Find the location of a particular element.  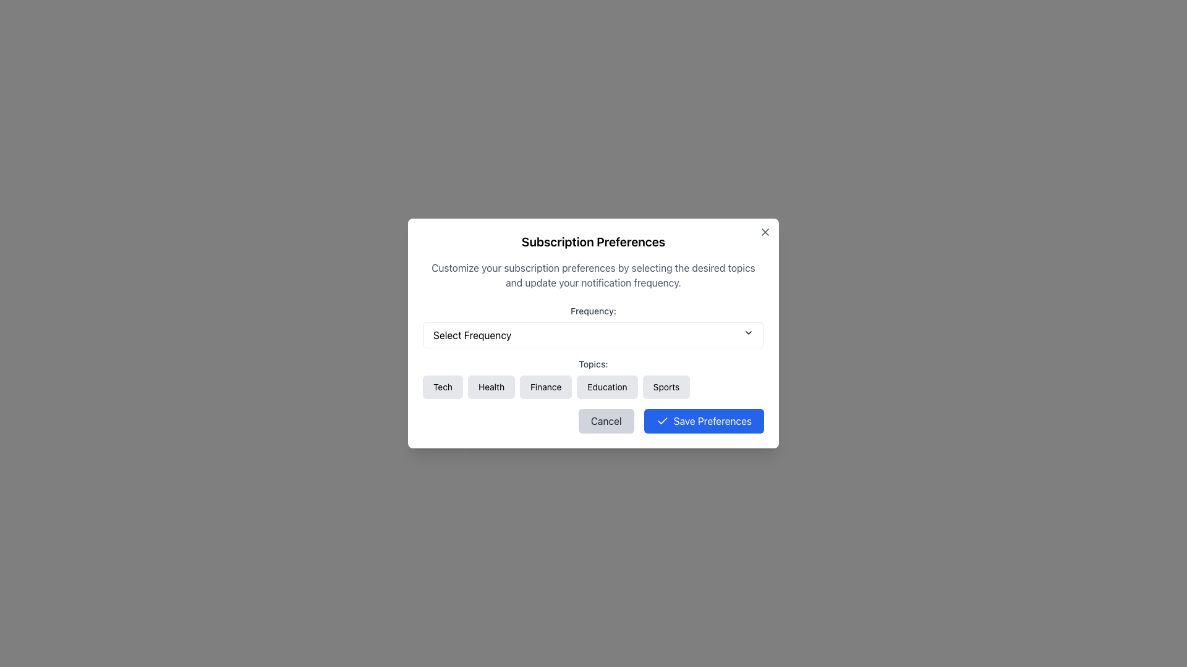

an option from the Dropdown menu for setting the notification frequency located within the 'Subscription Preferences' card, which is the first input field above the 'Topics' section is located at coordinates (593, 325).